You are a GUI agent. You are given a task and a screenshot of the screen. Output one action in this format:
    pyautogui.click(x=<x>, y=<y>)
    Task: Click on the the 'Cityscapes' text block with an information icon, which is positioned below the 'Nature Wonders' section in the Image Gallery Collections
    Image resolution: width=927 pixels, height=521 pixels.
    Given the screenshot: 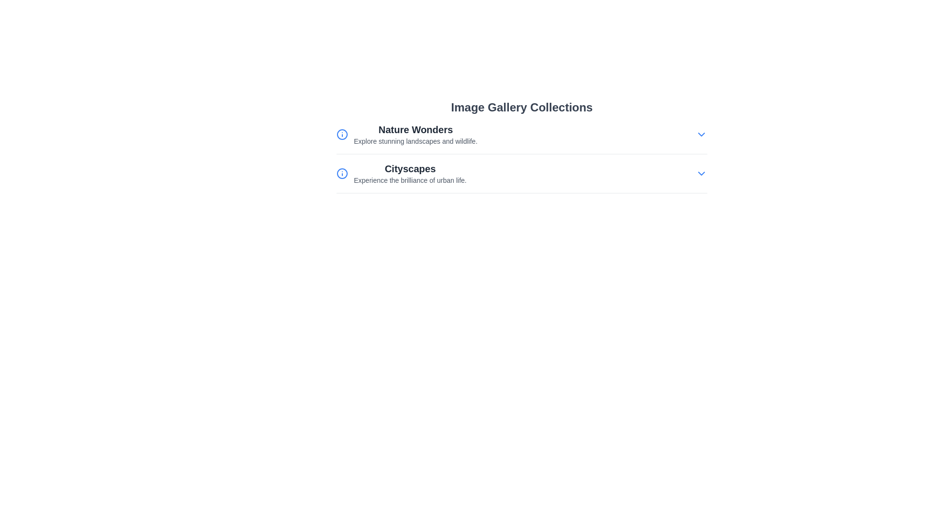 What is the action you would take?
    pyautogui.click(x=401, y=173)
    